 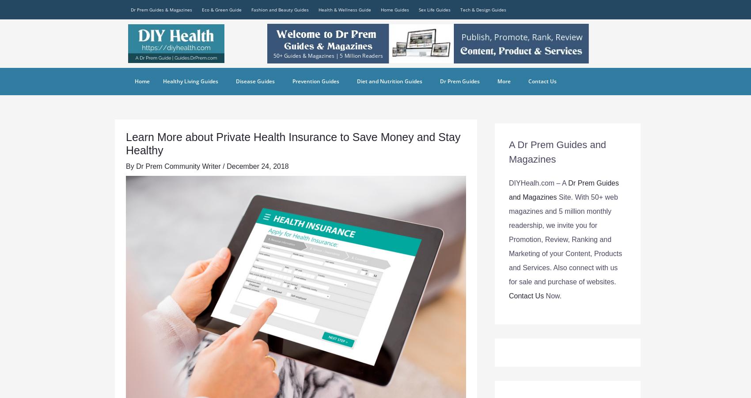 What do you see at coordinates (504, 156) in the screenshot?
I see `'WeddingClan.com'` at bounding box center [504, 156].